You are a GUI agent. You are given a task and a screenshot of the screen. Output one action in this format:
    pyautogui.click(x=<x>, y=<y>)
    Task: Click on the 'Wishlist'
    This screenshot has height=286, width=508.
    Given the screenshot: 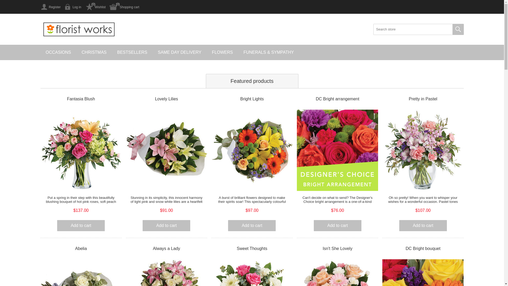 What is the action you would take?
    pyautogui.click(x=95, y=7)
    